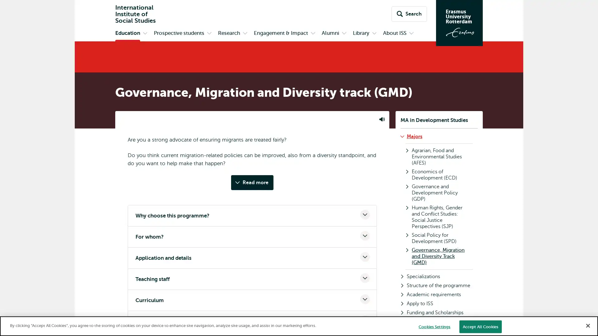  Describe the element at coordinates (313, 34) in the screenshot. I see `Open submenu` at that location.